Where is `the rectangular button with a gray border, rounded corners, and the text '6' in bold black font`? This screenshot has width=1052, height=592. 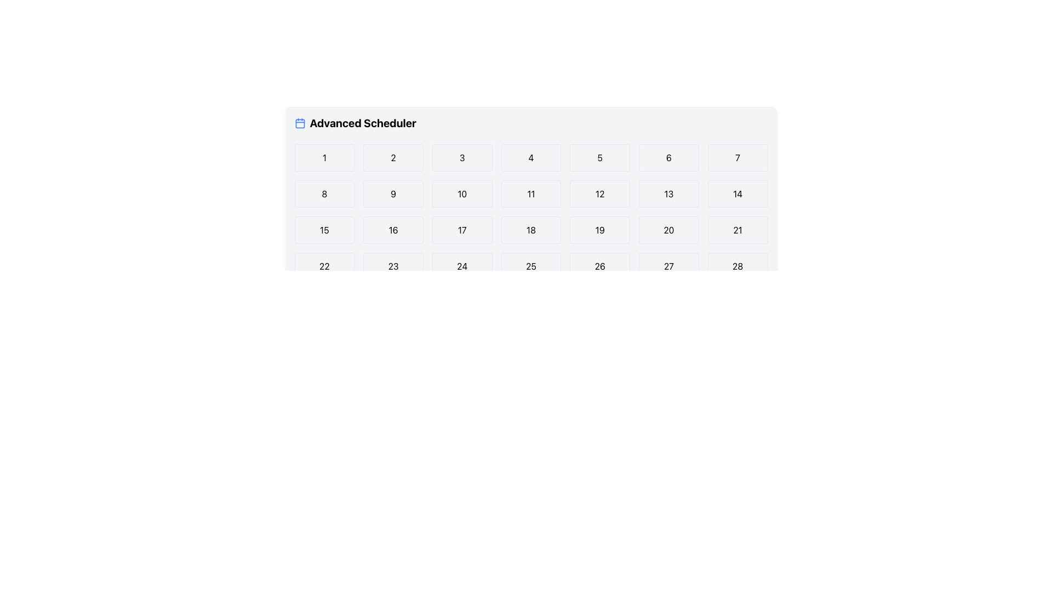
the rectangular button with a gray border, rounded corners, and the text '6' in bold black font is located at coordinates (668, 158).